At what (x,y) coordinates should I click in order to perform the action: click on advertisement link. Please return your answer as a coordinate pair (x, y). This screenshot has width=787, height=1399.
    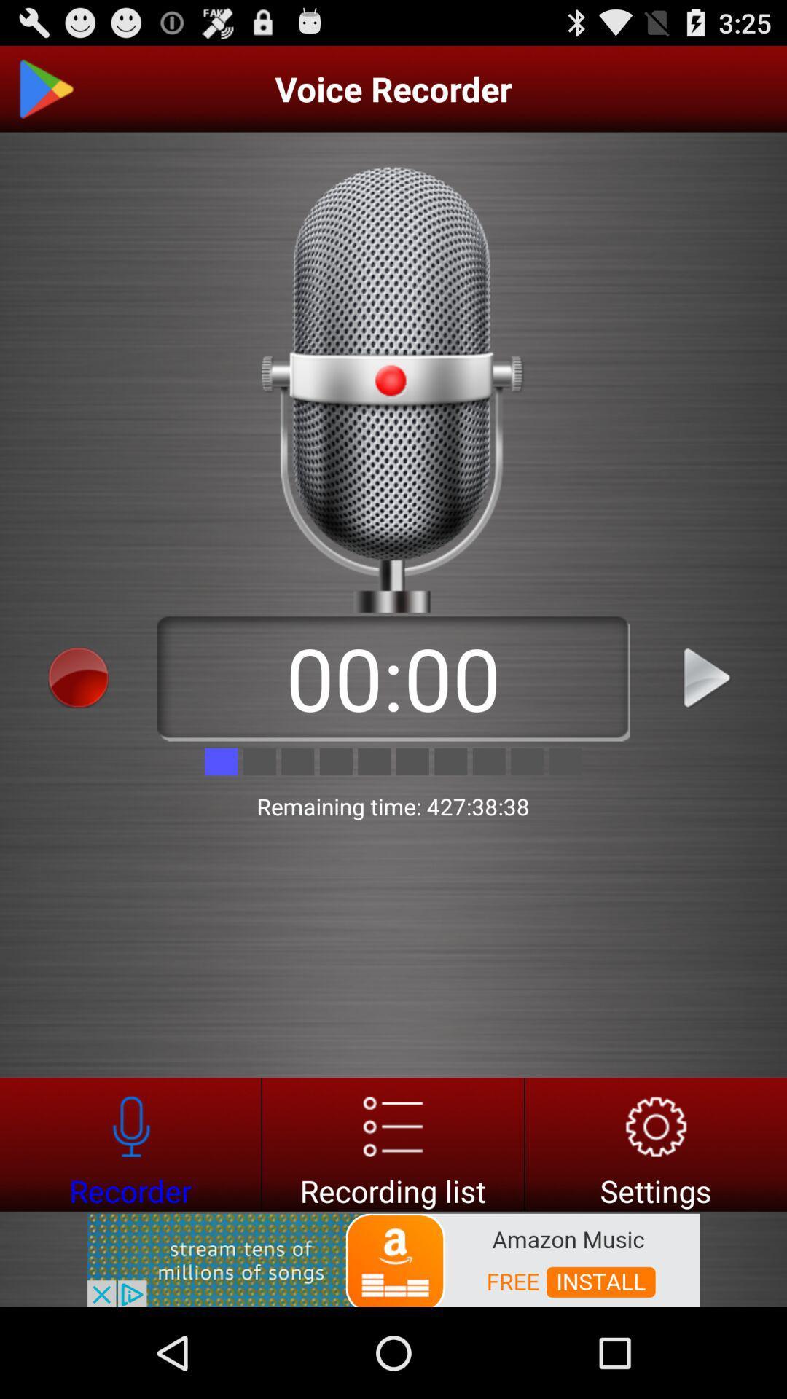
    Looking at the image, I should click on (393, 1258).